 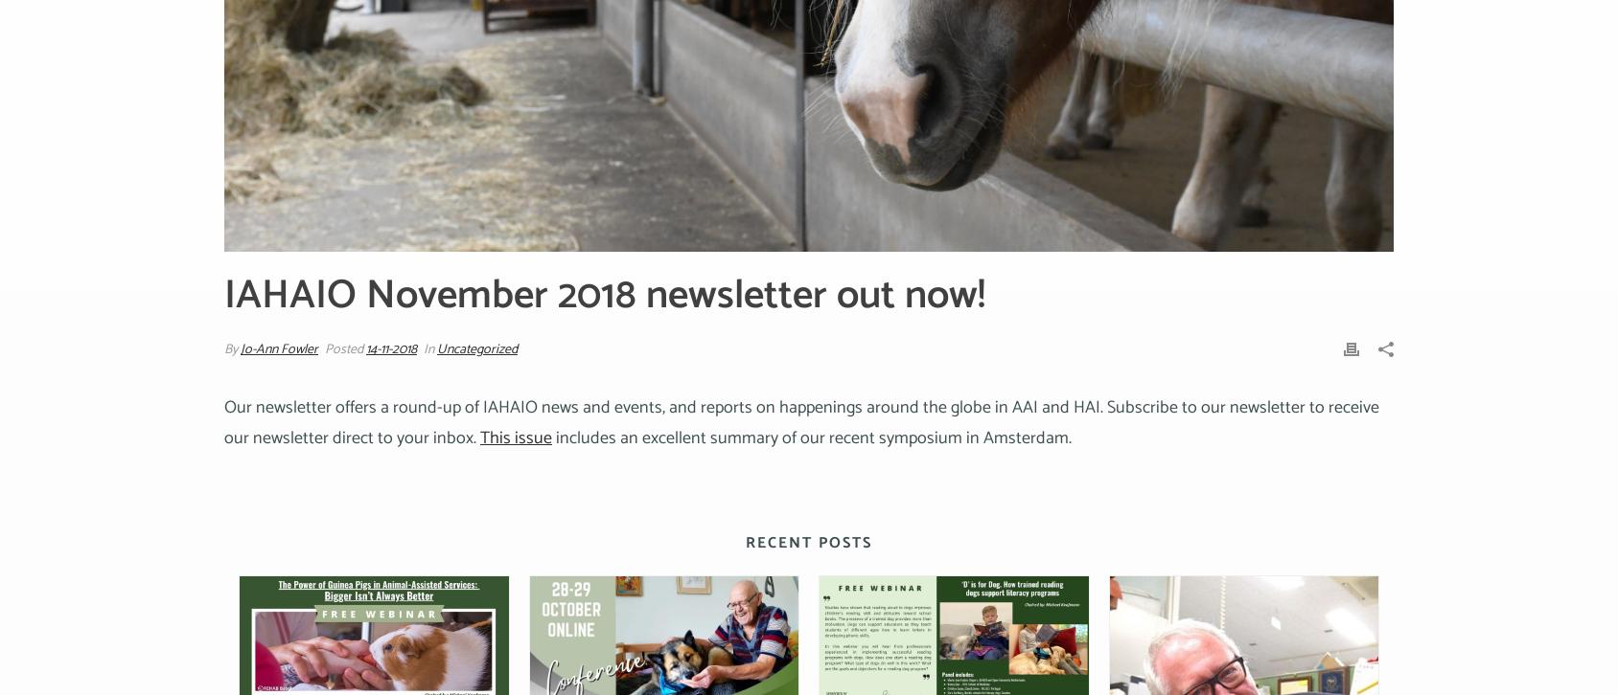 What do you see at coordinates (478, 438) in the screenshot?
I see `'This issue'` at bounding box center [478, 438].